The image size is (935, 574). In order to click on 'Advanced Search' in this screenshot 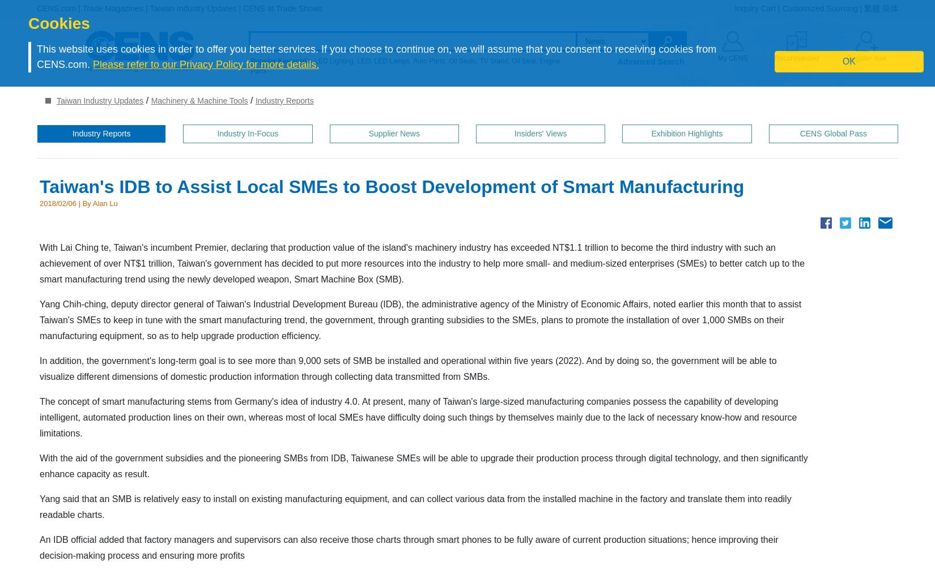, I will do `click(651, 62)`.